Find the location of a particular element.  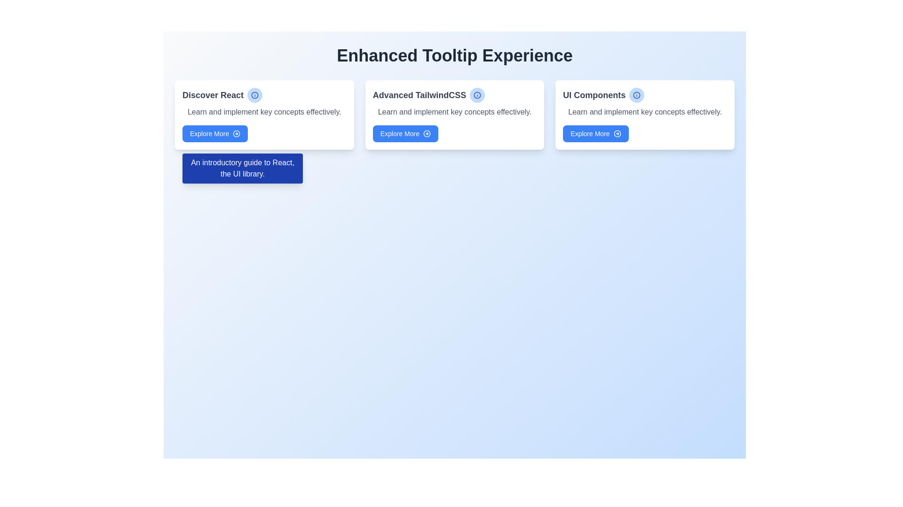

the SVG Circle Element that is part of the arrow icon in the 'Explore More' button under the 'Advanced TailwindCSS' section is located at coordinates (426, 134).